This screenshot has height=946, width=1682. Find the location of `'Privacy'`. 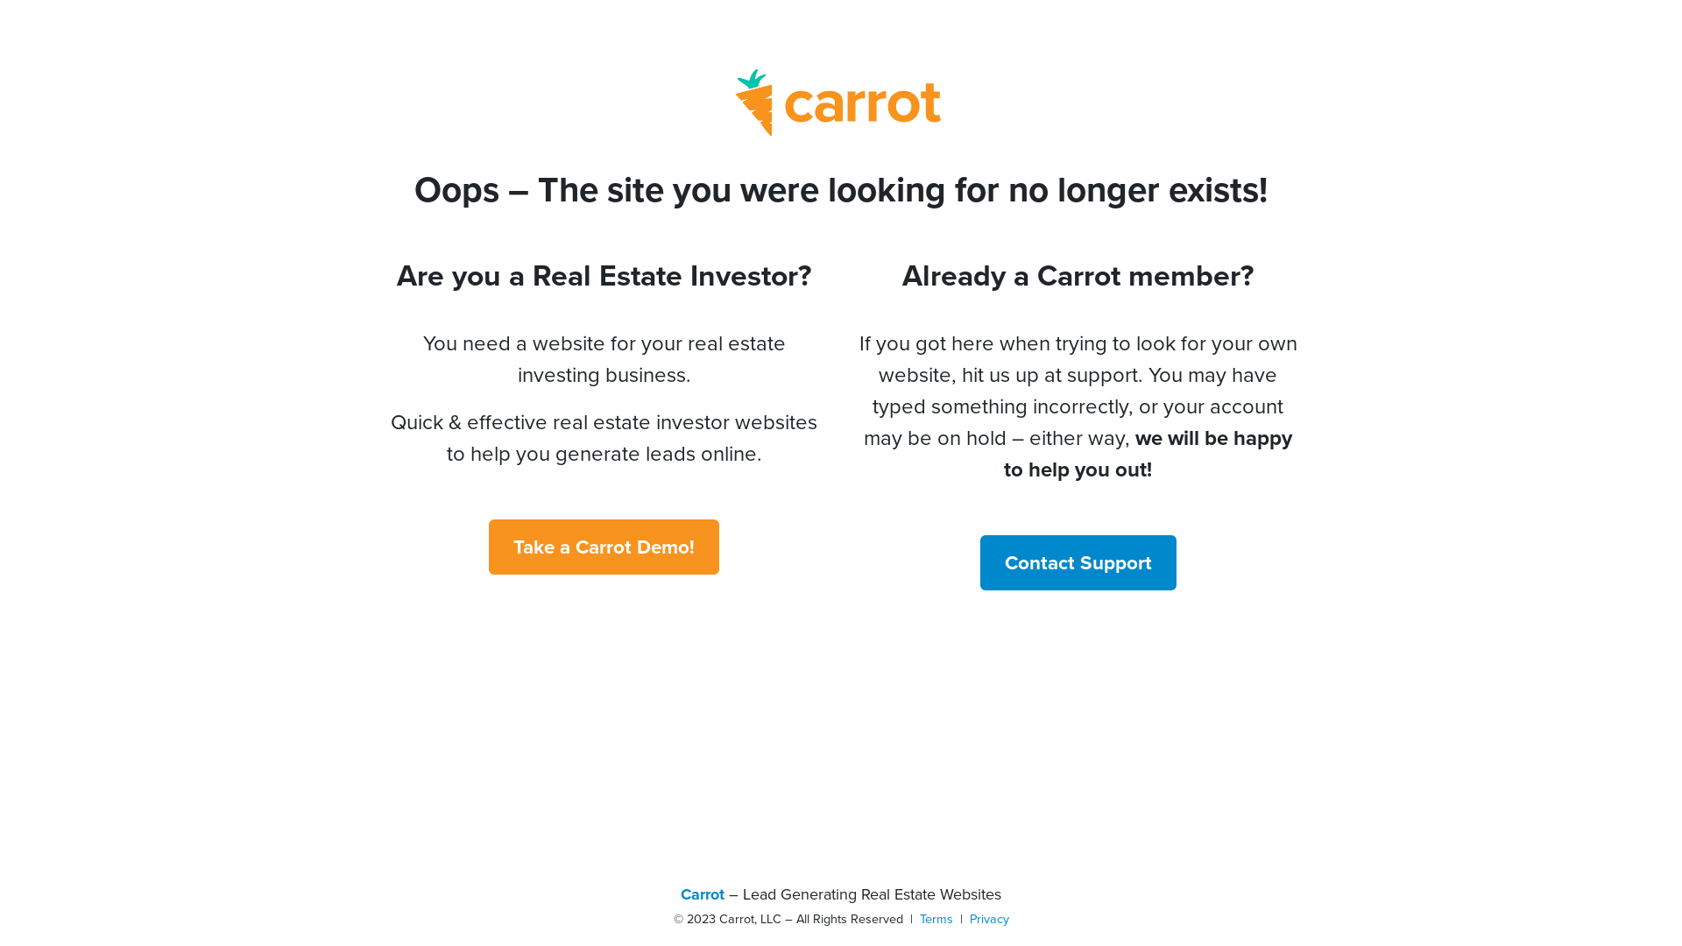

'Privacy' is located at coordinates (988, 918).